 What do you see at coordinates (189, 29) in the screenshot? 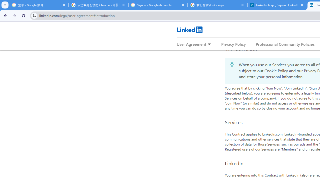
I see `'LinkedIn Logo'` at bounding box center [189, 29].